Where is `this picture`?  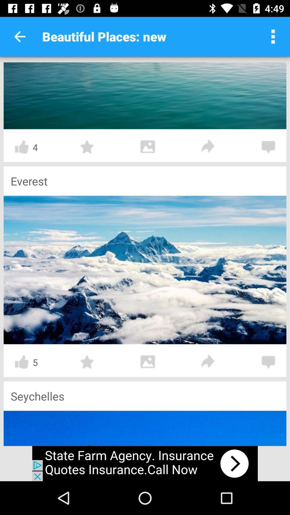
this picture is located at coordinates (145, 95).